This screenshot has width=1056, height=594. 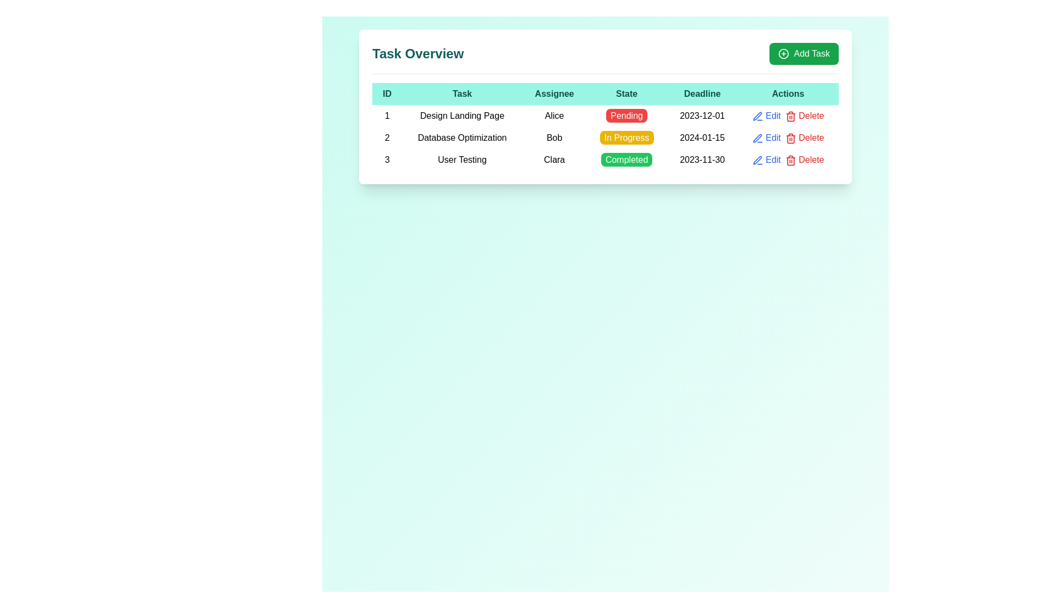 What do you see at coordinates (604, 116) in the screenshot?
I see `the 'Pending' status label in the first row of the table under 'Task Overview' to check the task state` at bounding box center [604, 116].